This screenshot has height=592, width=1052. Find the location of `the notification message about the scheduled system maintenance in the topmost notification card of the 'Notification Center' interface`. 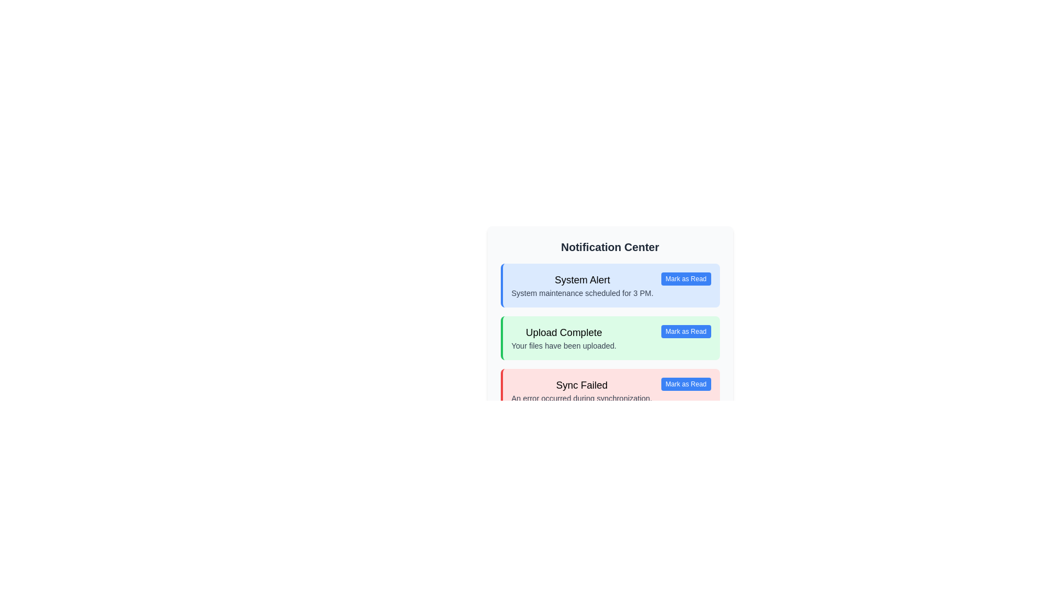

the notification message about the scheduled system maintenance in the topmost notification card of the 'Notification Center' interface is located at coordinates (582, 284).